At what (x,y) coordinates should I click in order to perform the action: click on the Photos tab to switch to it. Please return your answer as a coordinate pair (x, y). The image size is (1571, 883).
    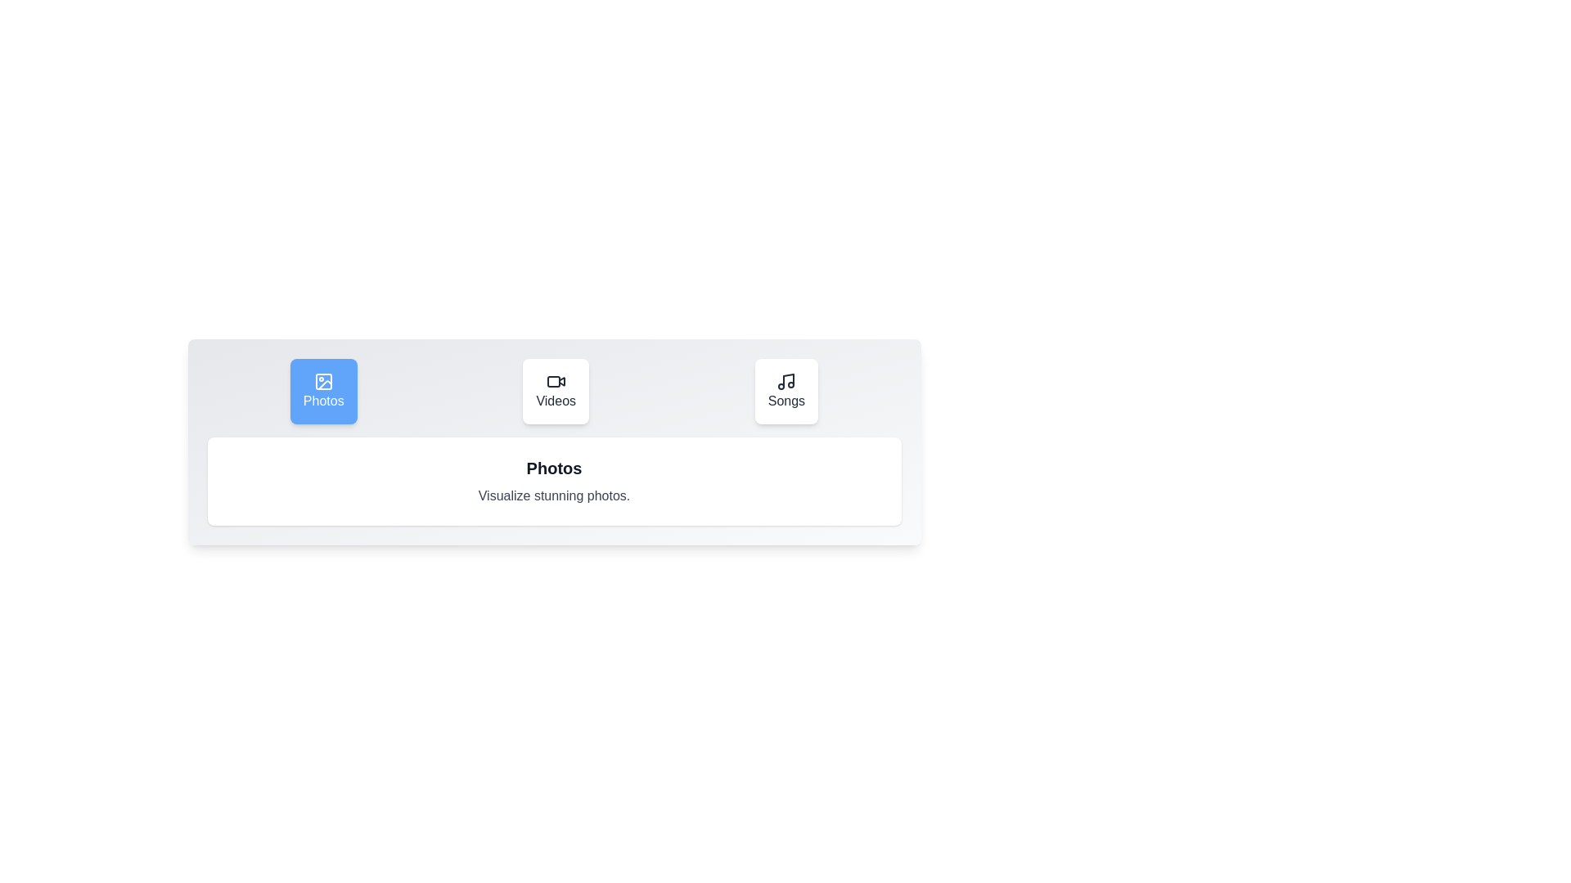
    Looking at the image, I should click on (323, 391).